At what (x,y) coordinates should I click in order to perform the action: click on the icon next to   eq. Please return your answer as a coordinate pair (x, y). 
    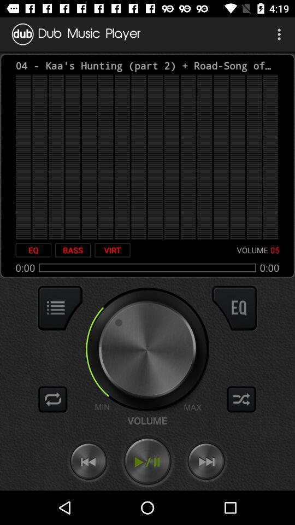
    Looking at the image, I should click on (73, 250).